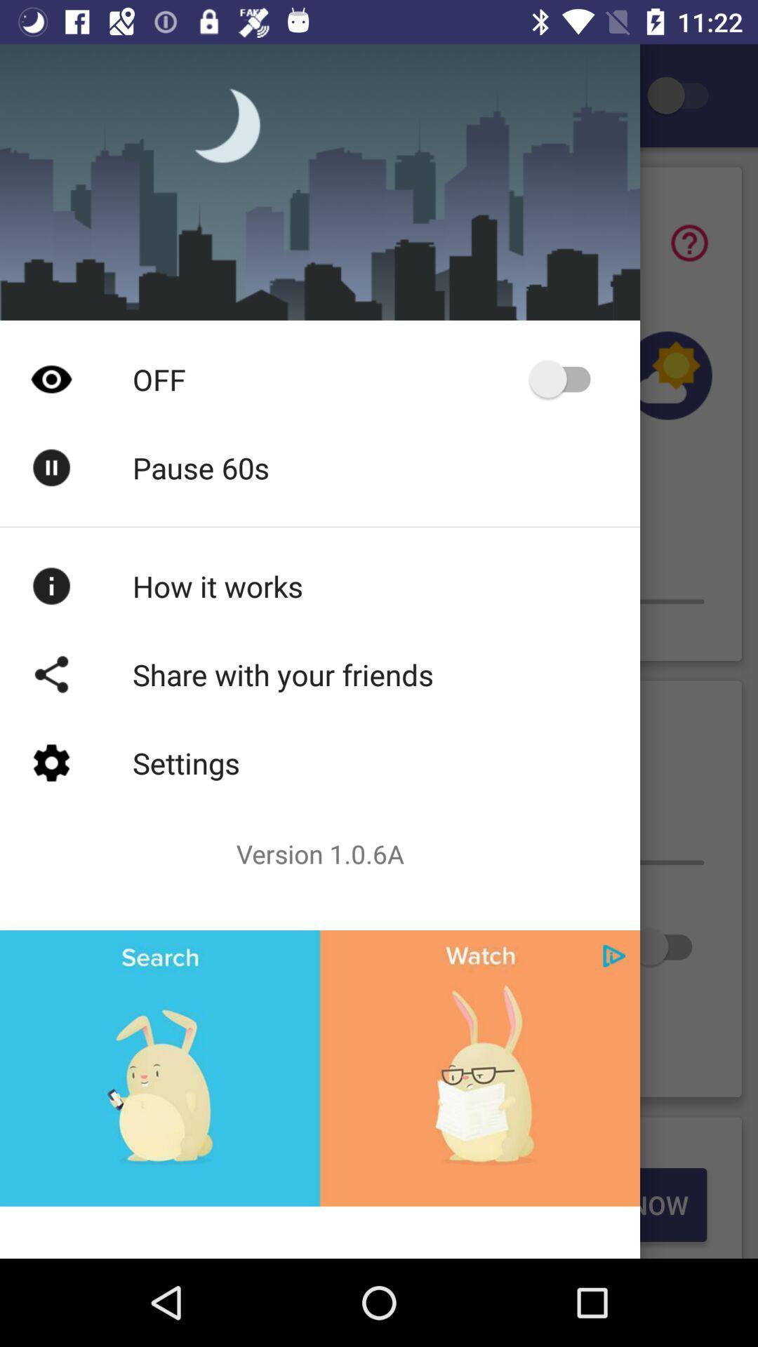 The width and height of the screenshot is (758, 1347). Describe the element at coordinates (667, 946) in the screenshot. I see `switch` at that location.